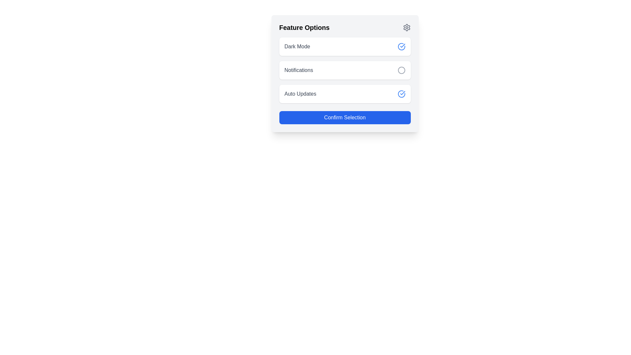 The width and height of the screenshot is (631, 355). Describe the element at coordinates (401, 70) in the screenshot. I see `the circular glyph icon used for toggling notification settings, which is styled with a thin gray stroke and is located to the right of the 'Notifications' label` at that location.